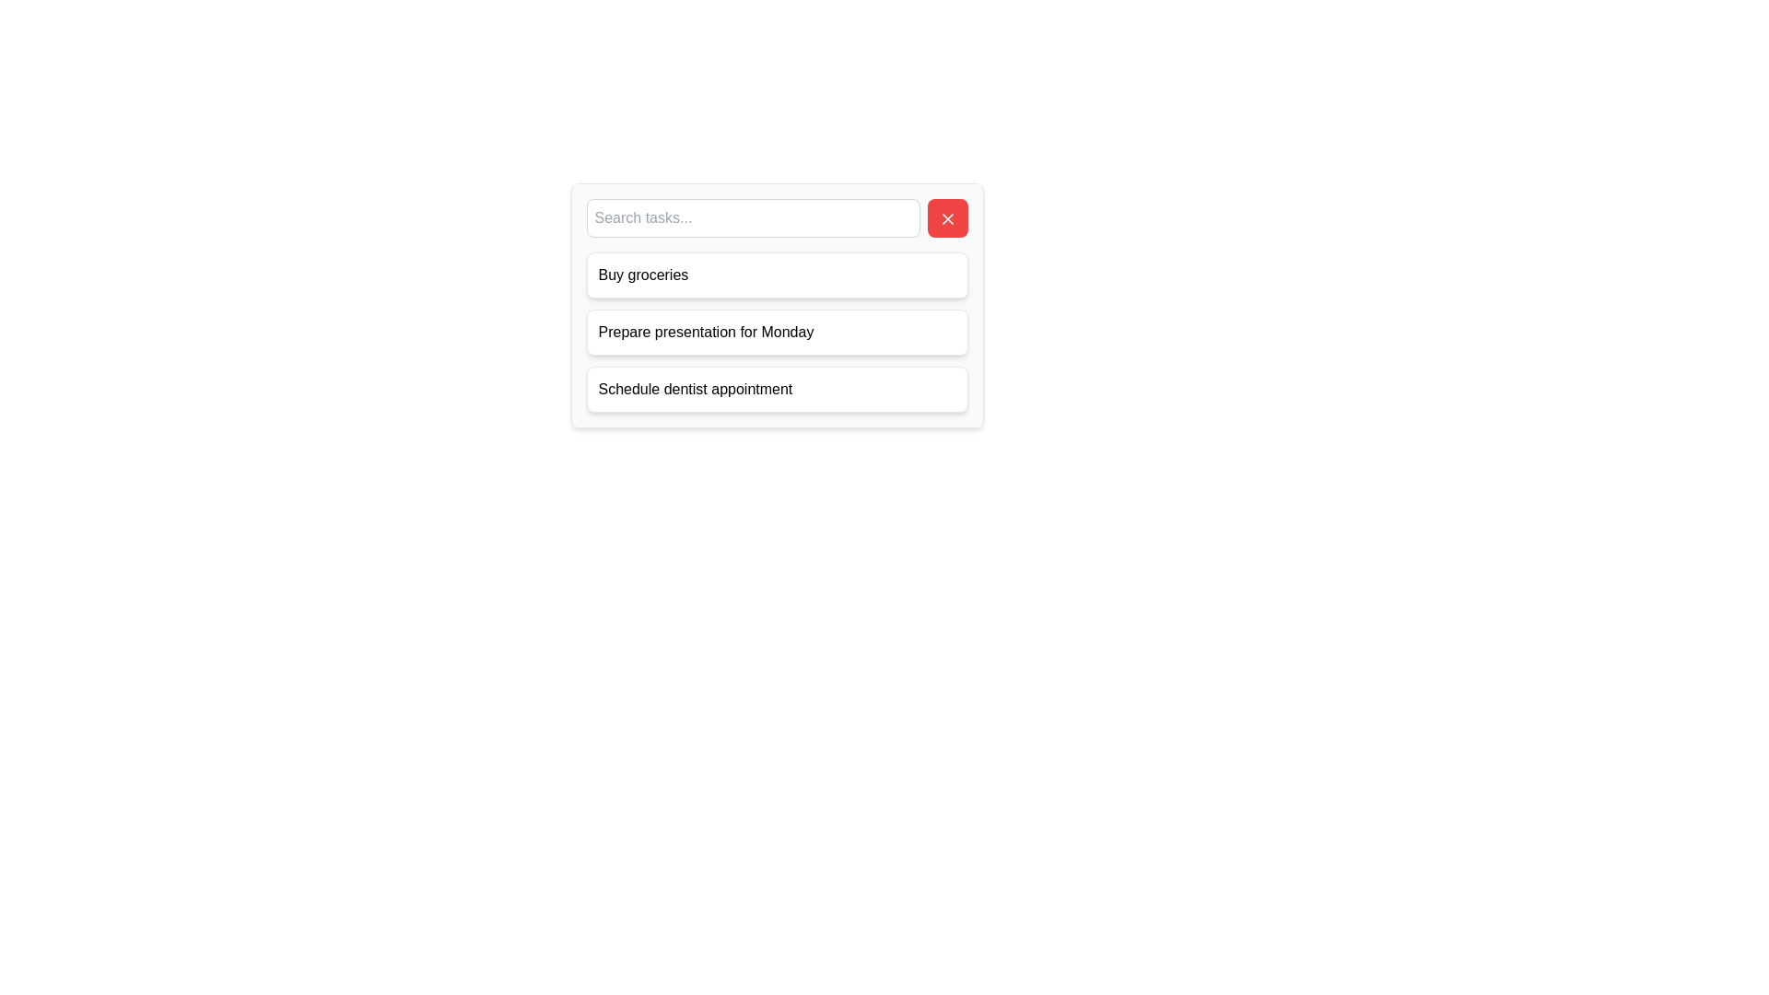  I want to click on the text label displaying 'Schedule dentist appointment', which is the third item in a vertically-aligned list of text labels, so click(694, 389).